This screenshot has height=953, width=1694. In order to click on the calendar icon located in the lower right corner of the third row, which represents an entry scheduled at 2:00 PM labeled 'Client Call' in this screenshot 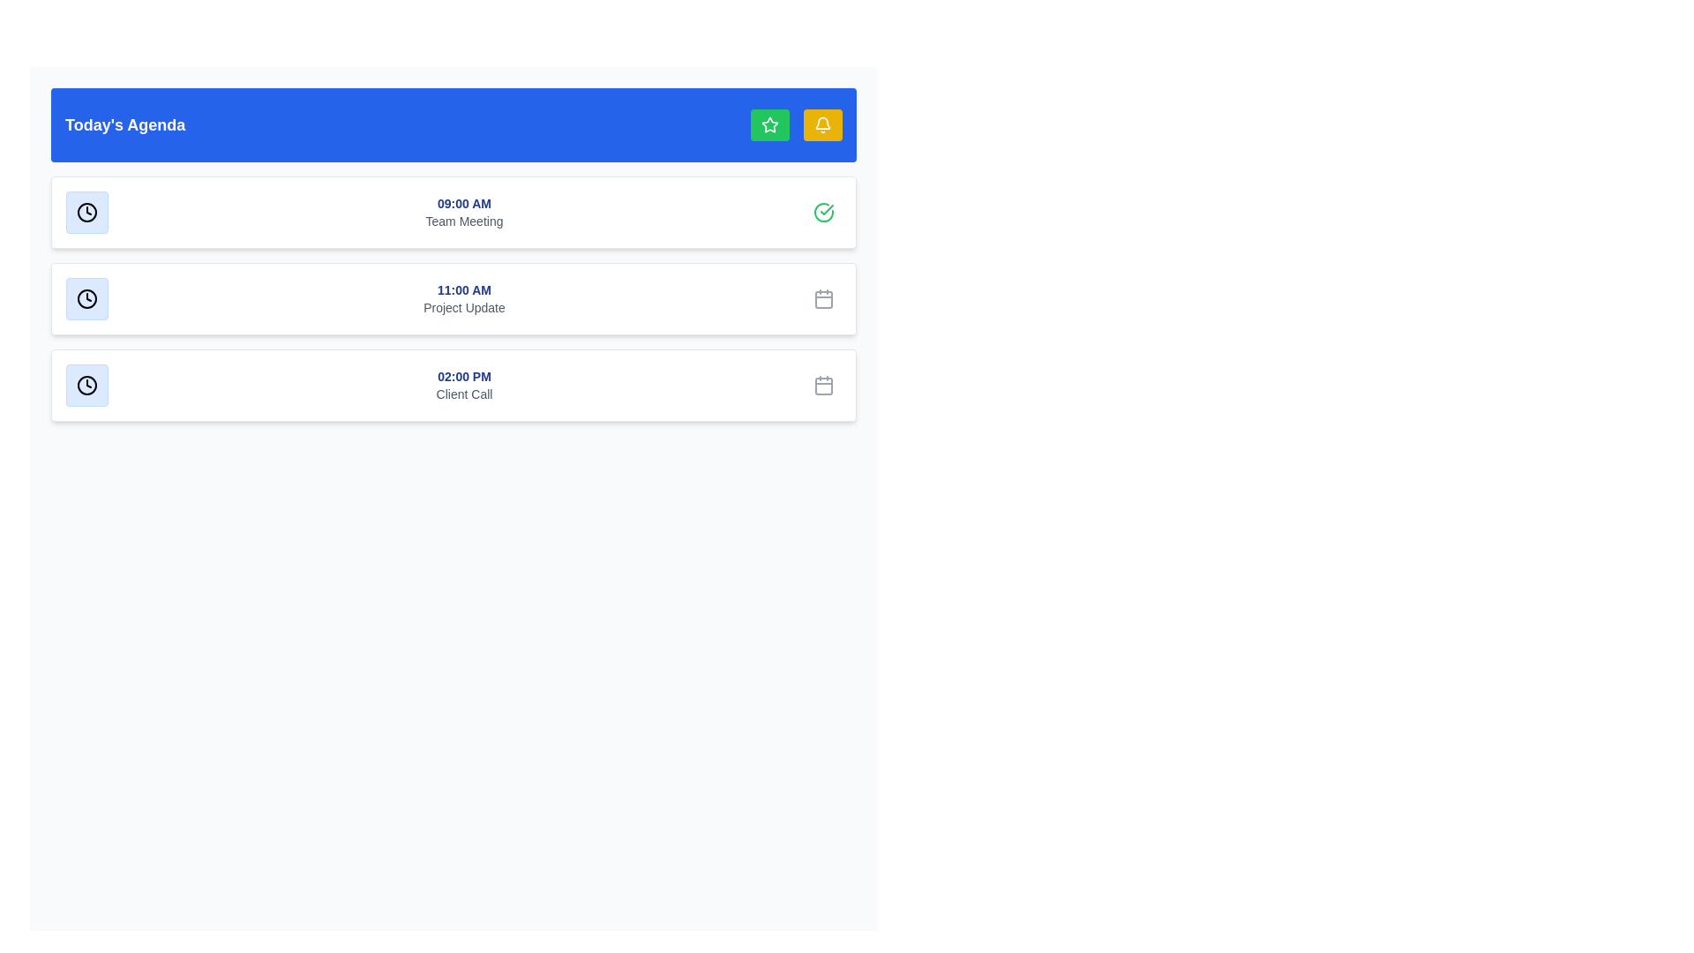, I will do `click(823, 384)`.